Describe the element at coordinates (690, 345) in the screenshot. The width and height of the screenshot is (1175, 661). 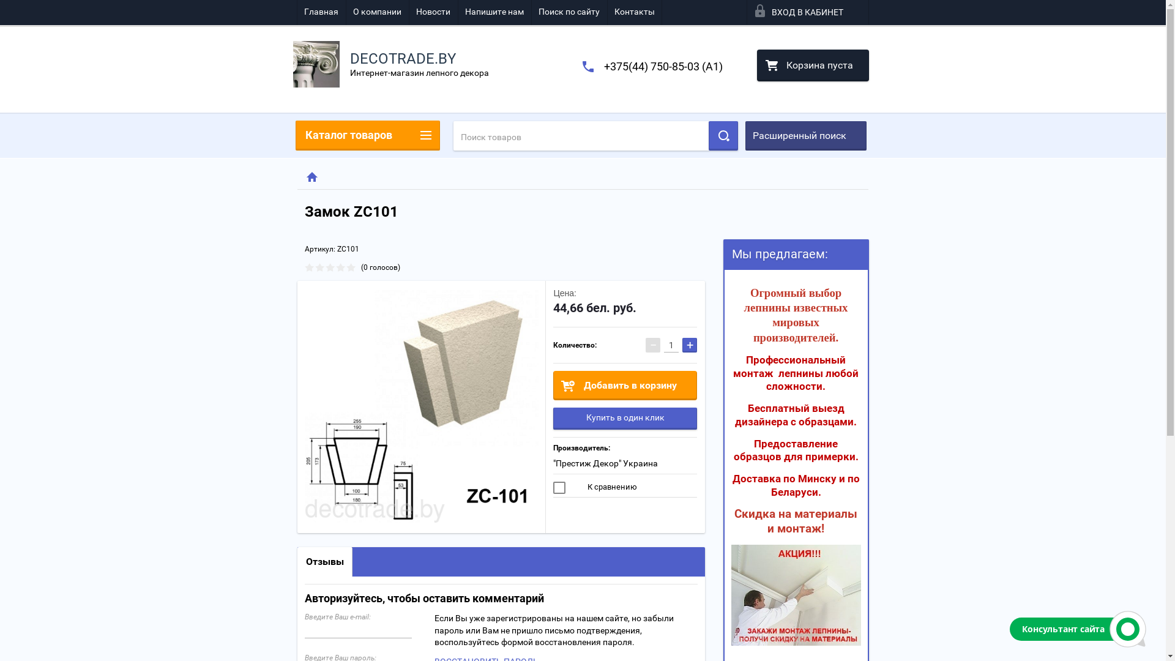
I see `'+'` at that location.